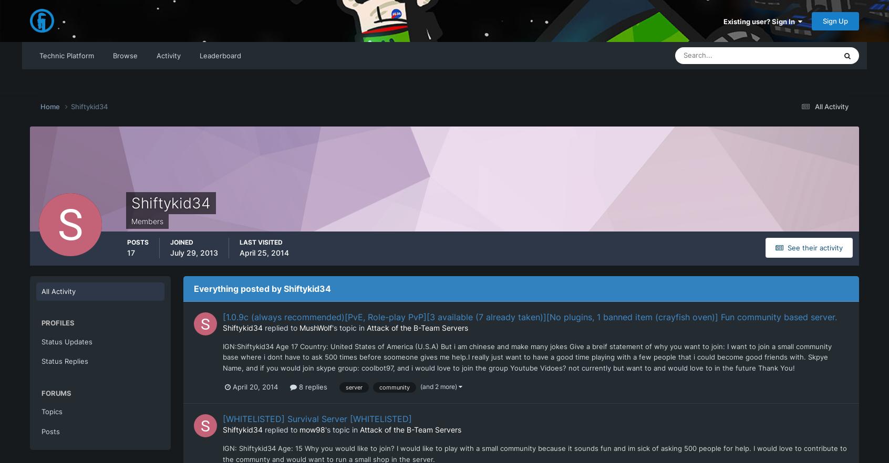 The image size is (889, 463). I want to click on '17', so click(131, 251).